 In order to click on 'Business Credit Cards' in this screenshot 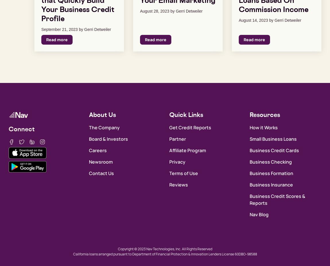, I will do `click(274, 150)`.